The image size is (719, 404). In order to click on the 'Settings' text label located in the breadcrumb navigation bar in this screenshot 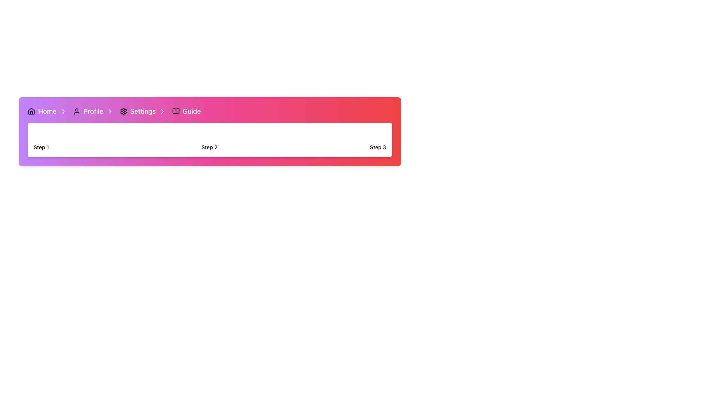, I will do `click(143, 111)`.